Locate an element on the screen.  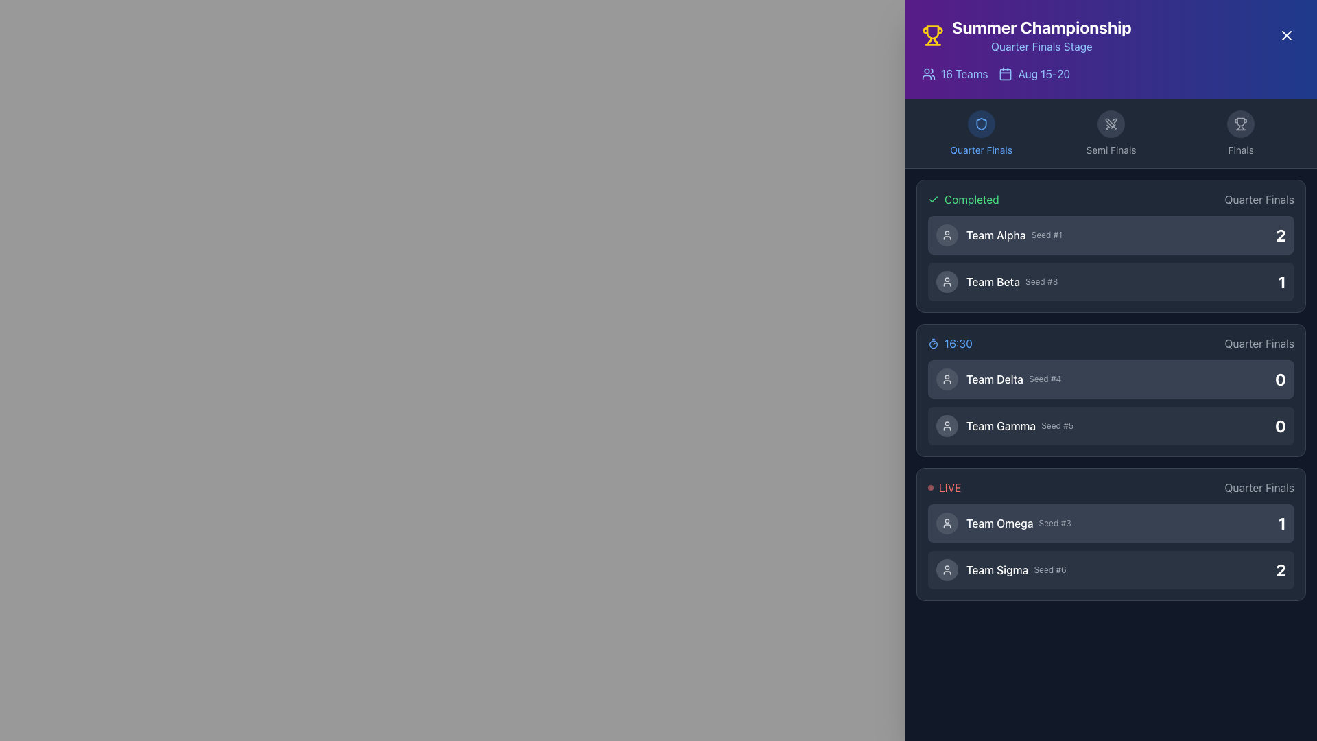
the shield-shaped icon with a blue outline located beneath the 'Summer Championship' heading is located at coordinates (980, 124).